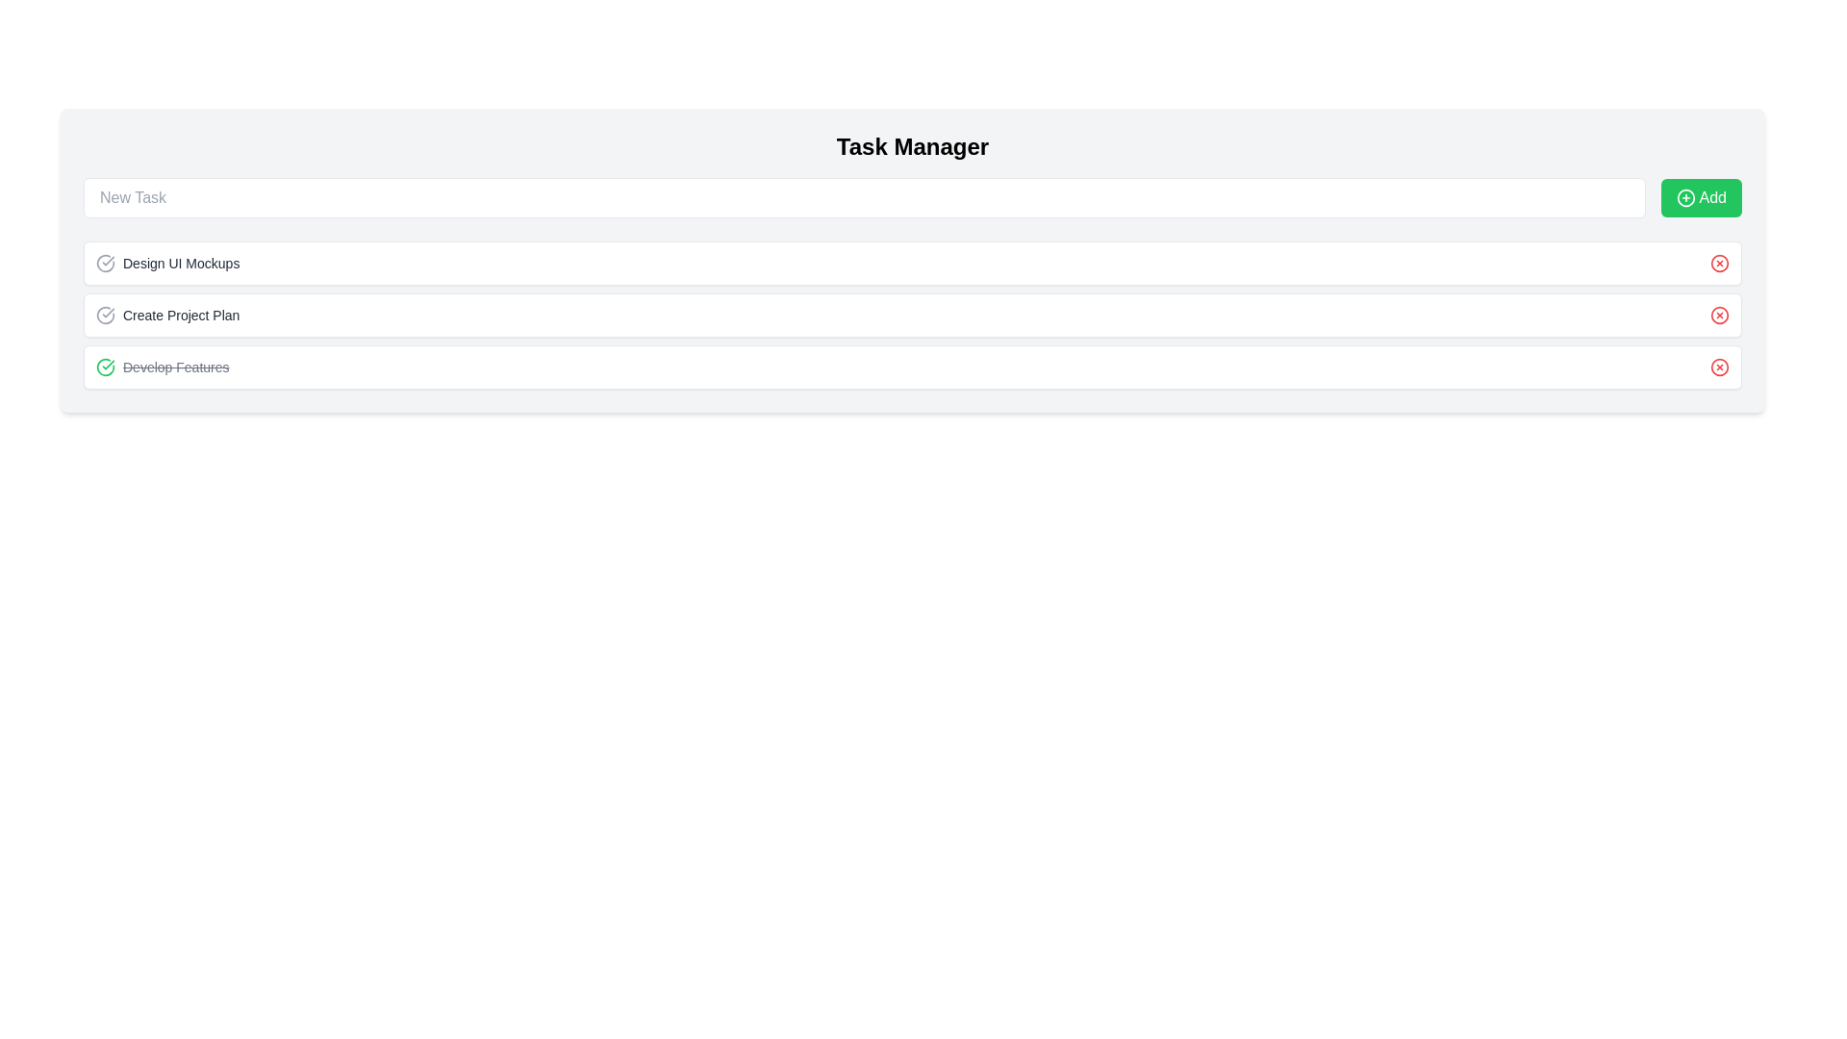 The width and height of the screenshot is (1847, 1039). I want to click on the delete button (icon format) at the far-right end of the 'Design UI Mockups' section, so click(1720, 263).